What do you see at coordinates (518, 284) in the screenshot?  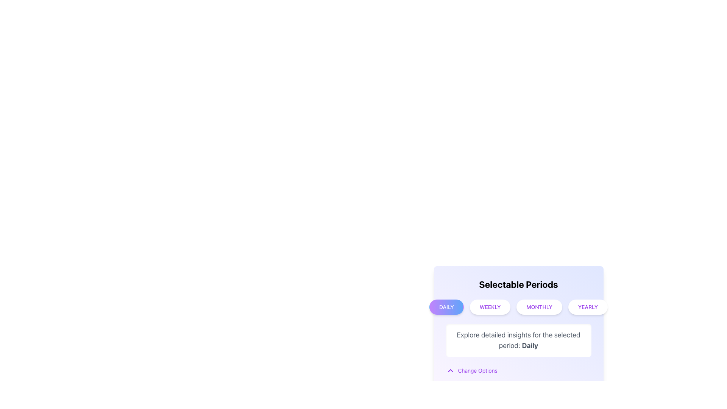 I see `heading text 'Selectable Periods' which is styled with large, bold, and centered text at the top of the card` at bounding box center [518, 284].